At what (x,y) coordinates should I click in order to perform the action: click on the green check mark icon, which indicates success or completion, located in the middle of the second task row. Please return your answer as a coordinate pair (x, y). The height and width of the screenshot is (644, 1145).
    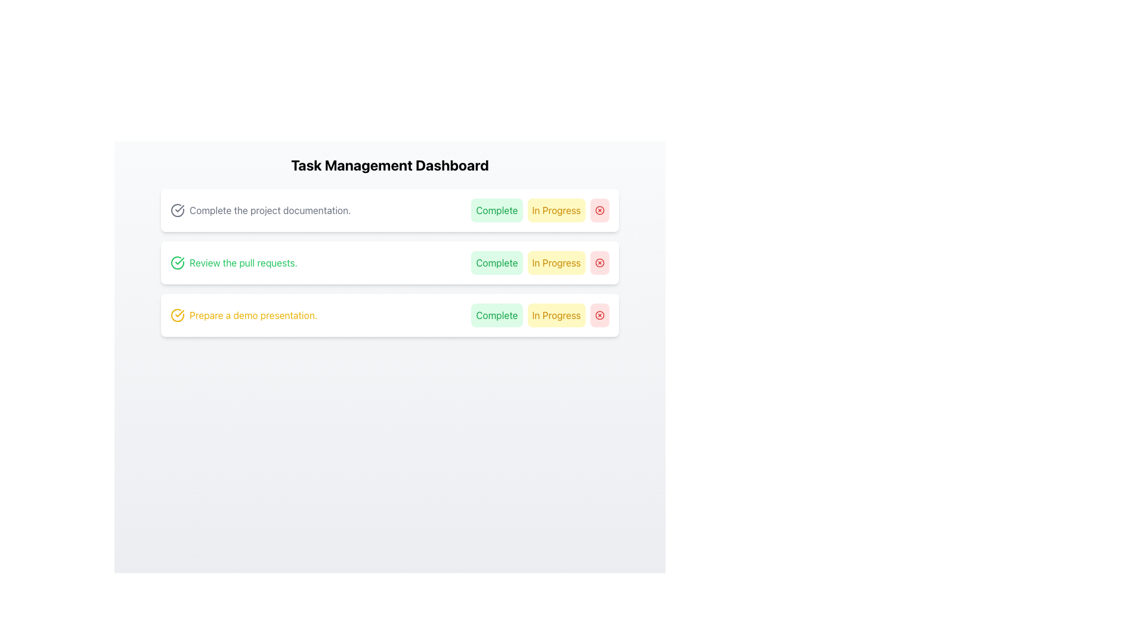
    Looking at the image, I should click on (179, 261).